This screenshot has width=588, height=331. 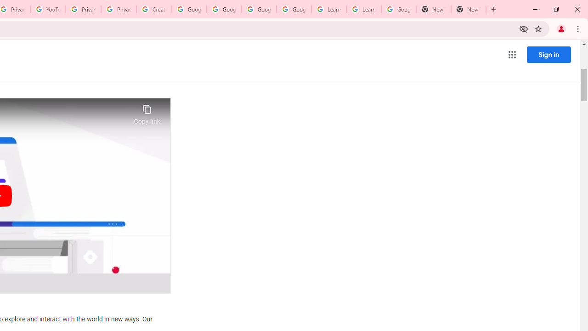 What do you see at coordinates (147, 112) in the screenshot?
I see `'Copy link'` at bounding box center [147, 112].